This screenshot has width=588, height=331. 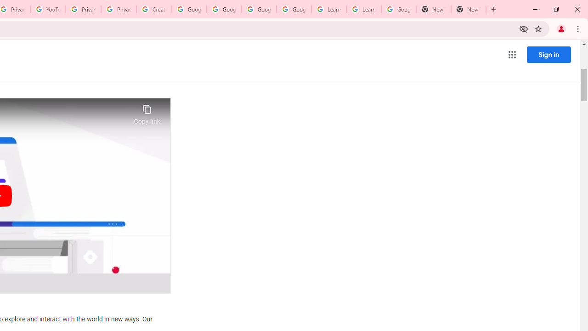 What do you see at coordinates (147, 112) in the screenshot?
I see `'Copy link'` at bounding box center [147, 112].